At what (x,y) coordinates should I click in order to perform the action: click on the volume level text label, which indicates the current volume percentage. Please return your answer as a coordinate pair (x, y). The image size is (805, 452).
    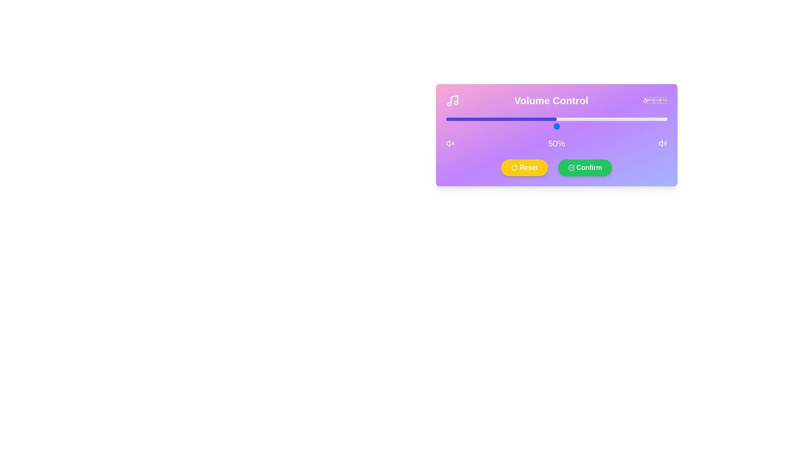
    Looking at the image, I should click on (556, 143).